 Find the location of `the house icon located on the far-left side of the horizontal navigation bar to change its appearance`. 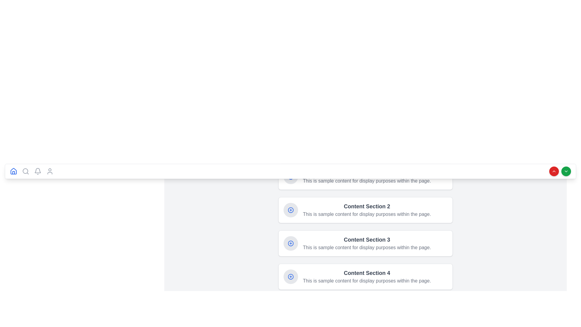

the house icon located on the far-left side of the horizontal navigation bar to change its appearance is located at coordinates (13, 171).